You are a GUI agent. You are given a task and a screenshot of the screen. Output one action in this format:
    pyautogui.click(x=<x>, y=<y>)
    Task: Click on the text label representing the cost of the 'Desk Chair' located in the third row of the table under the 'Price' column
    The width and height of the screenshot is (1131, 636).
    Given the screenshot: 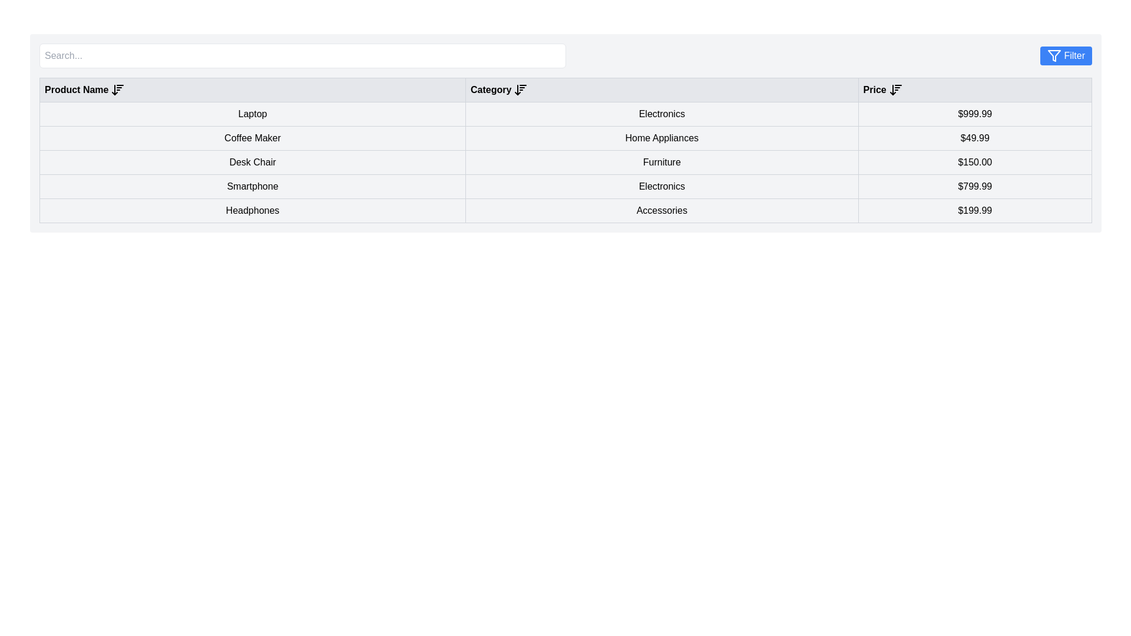 What is the action you would take?
    pyautogui.click(x=975, y=163)
    